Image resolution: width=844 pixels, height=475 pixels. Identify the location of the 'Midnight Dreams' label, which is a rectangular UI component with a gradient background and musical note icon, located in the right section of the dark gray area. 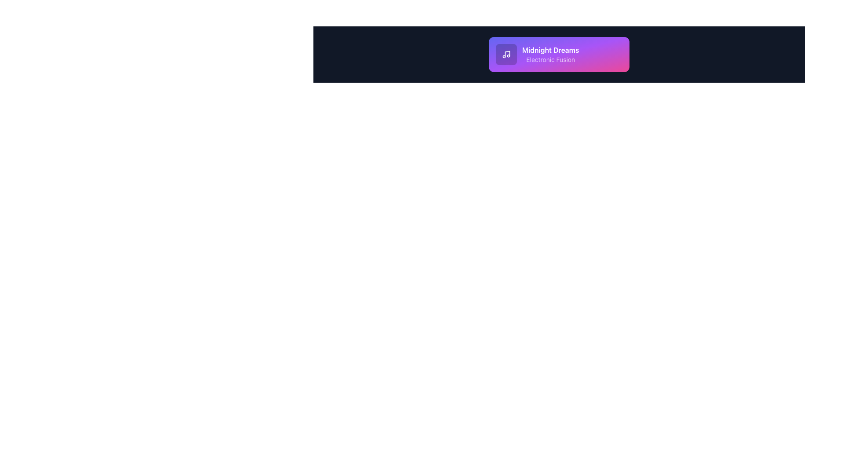
(559, 54).